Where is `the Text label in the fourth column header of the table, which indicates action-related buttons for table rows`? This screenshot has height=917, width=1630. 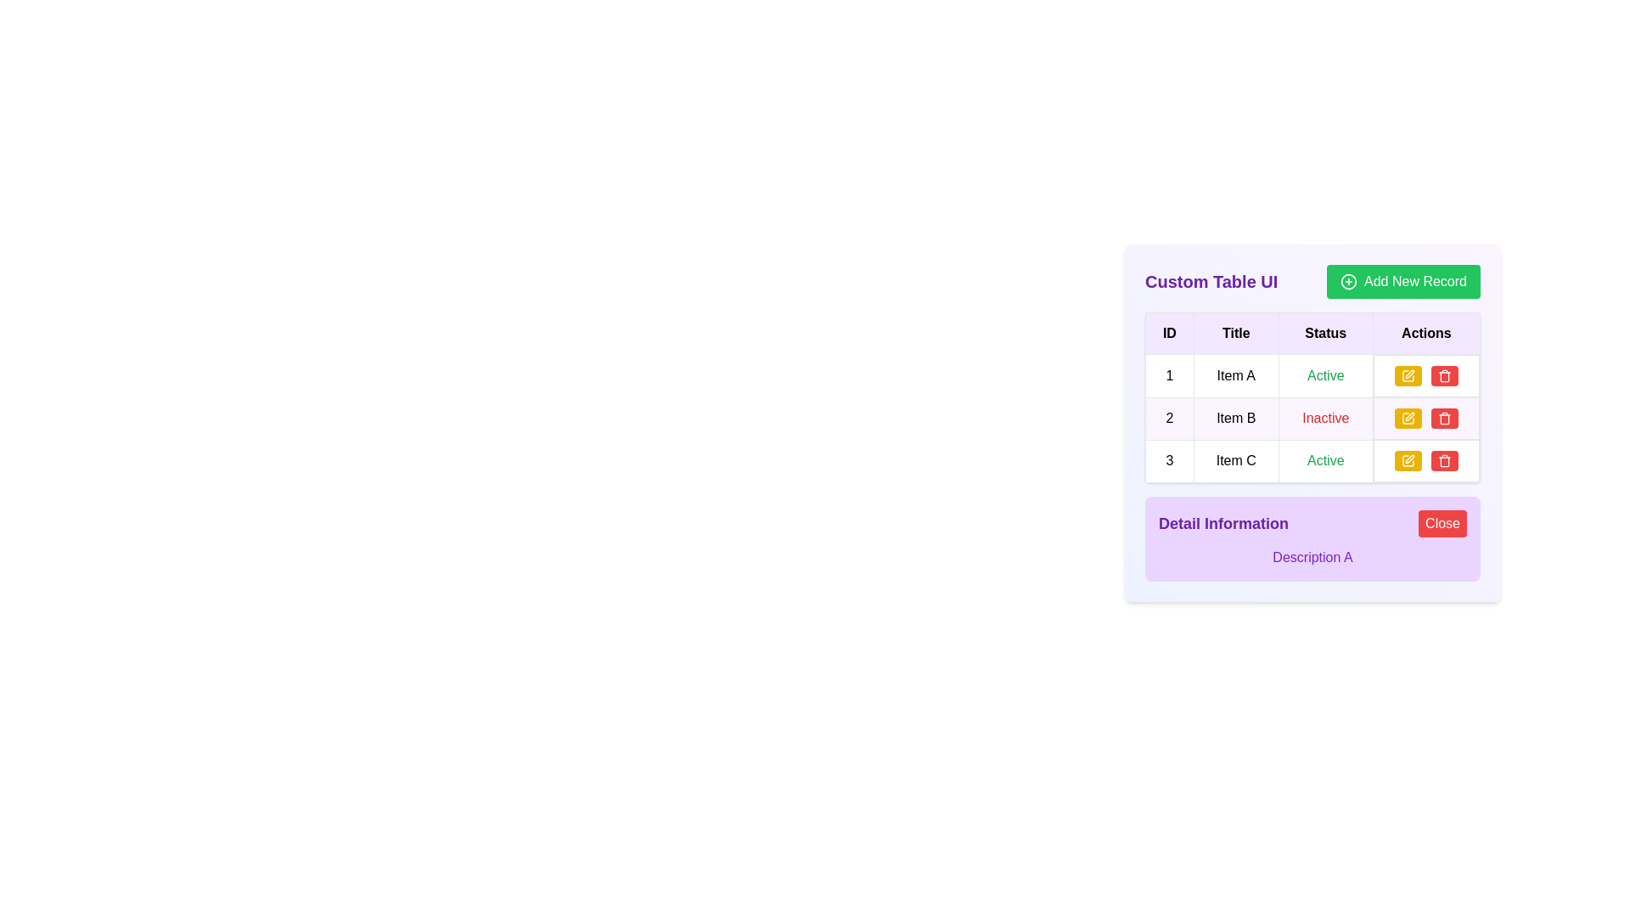
the Text label in the fourth column header of the table, which indicates action-related buttons for table rows is located at coordinates (1426, 334).